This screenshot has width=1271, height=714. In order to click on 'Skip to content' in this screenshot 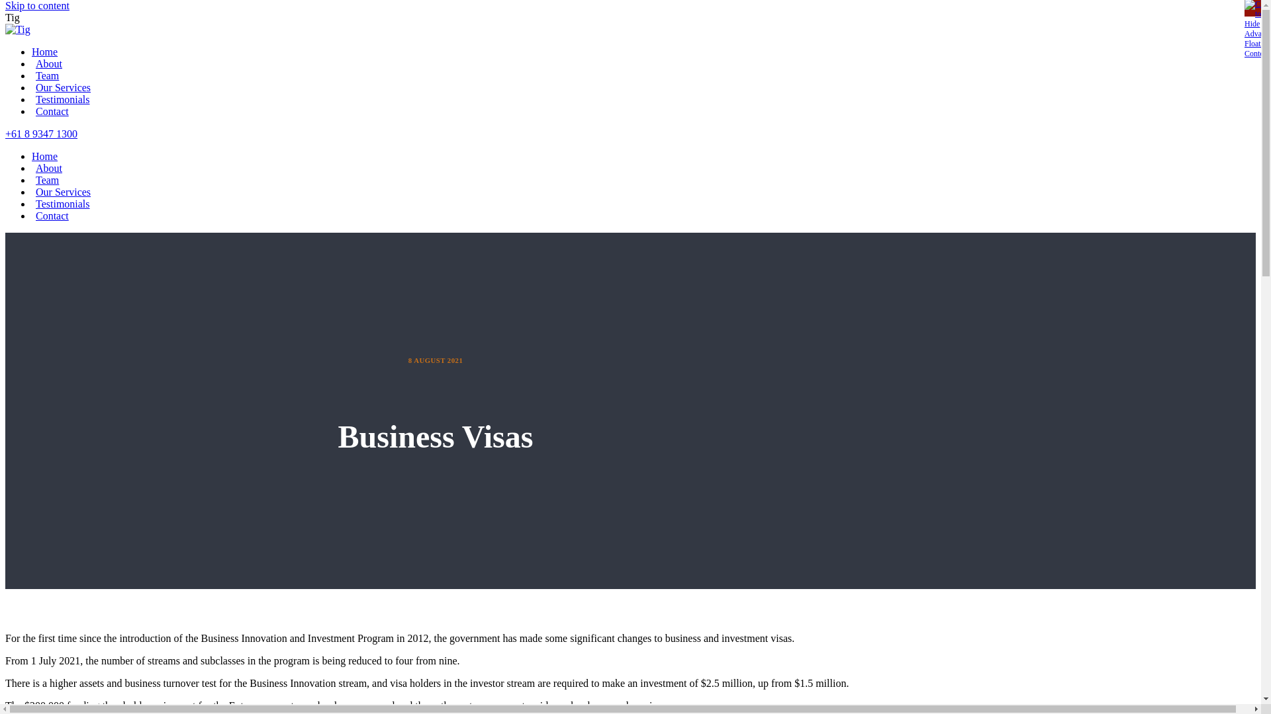, I will do `click(37, 5)`.